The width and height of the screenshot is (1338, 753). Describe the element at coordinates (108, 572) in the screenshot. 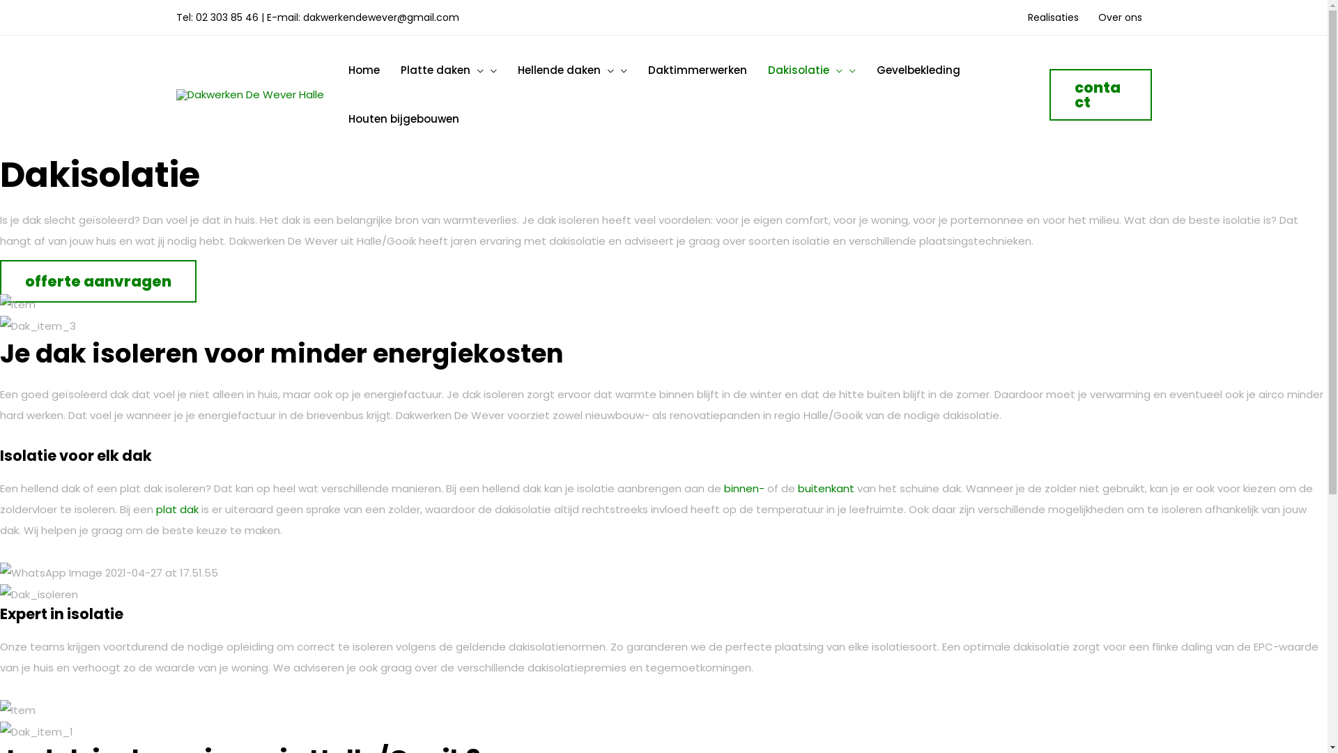

I see `'WhatsApp Image 2021-04-27 at 17.51.55'` at that location.